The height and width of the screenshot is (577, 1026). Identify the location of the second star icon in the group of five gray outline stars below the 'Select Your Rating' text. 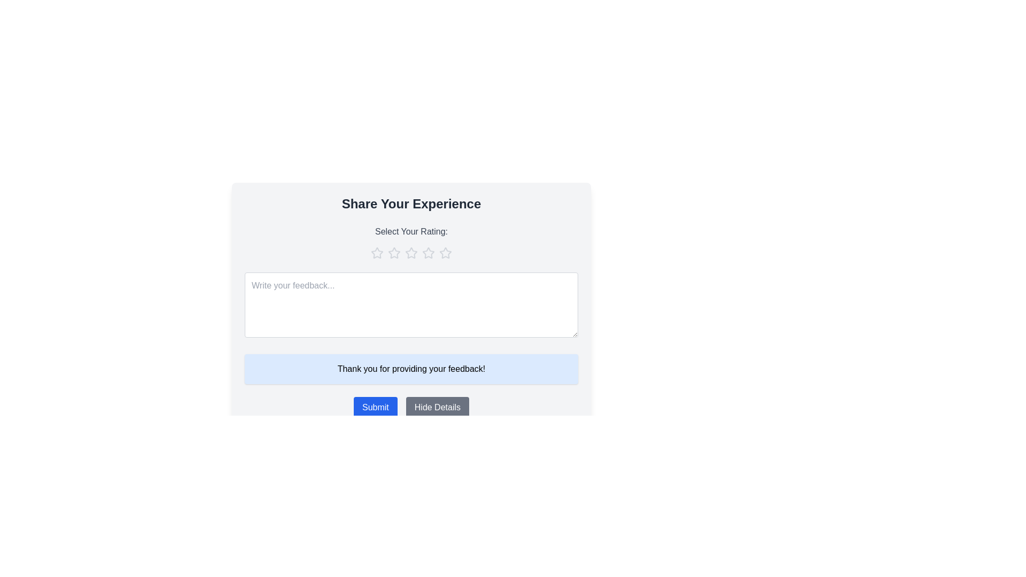
(394, 253).